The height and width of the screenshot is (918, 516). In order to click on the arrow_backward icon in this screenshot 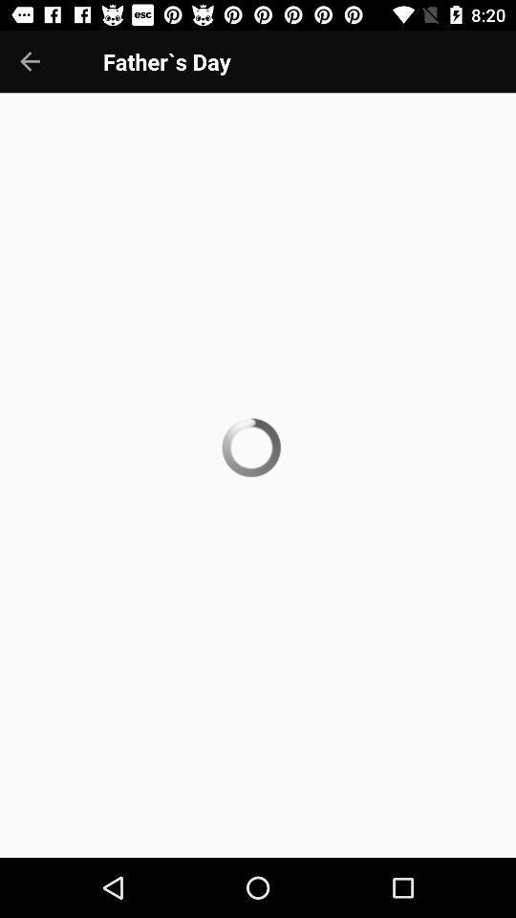, I will do `click(52, 61)`.